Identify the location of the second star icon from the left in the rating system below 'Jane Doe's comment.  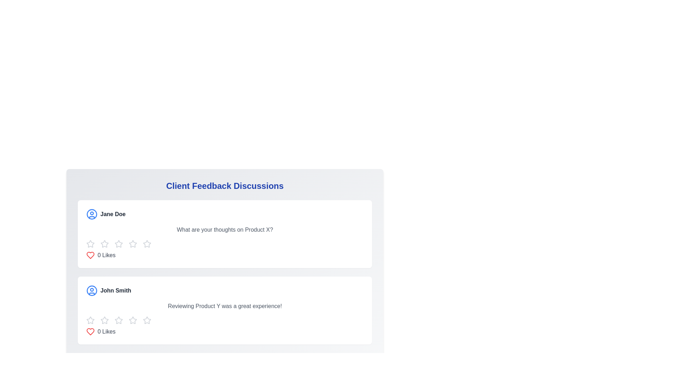
(119, 243).